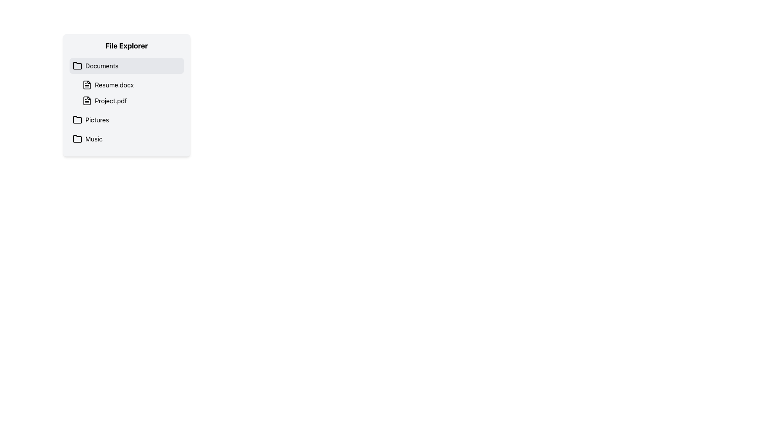  What do you see at coordinates (77, 120) in the screenshot?
I see `the folder icon located to the left of the 'Pictures' text in the File Explorer interface` at bounding box center [77, 120].